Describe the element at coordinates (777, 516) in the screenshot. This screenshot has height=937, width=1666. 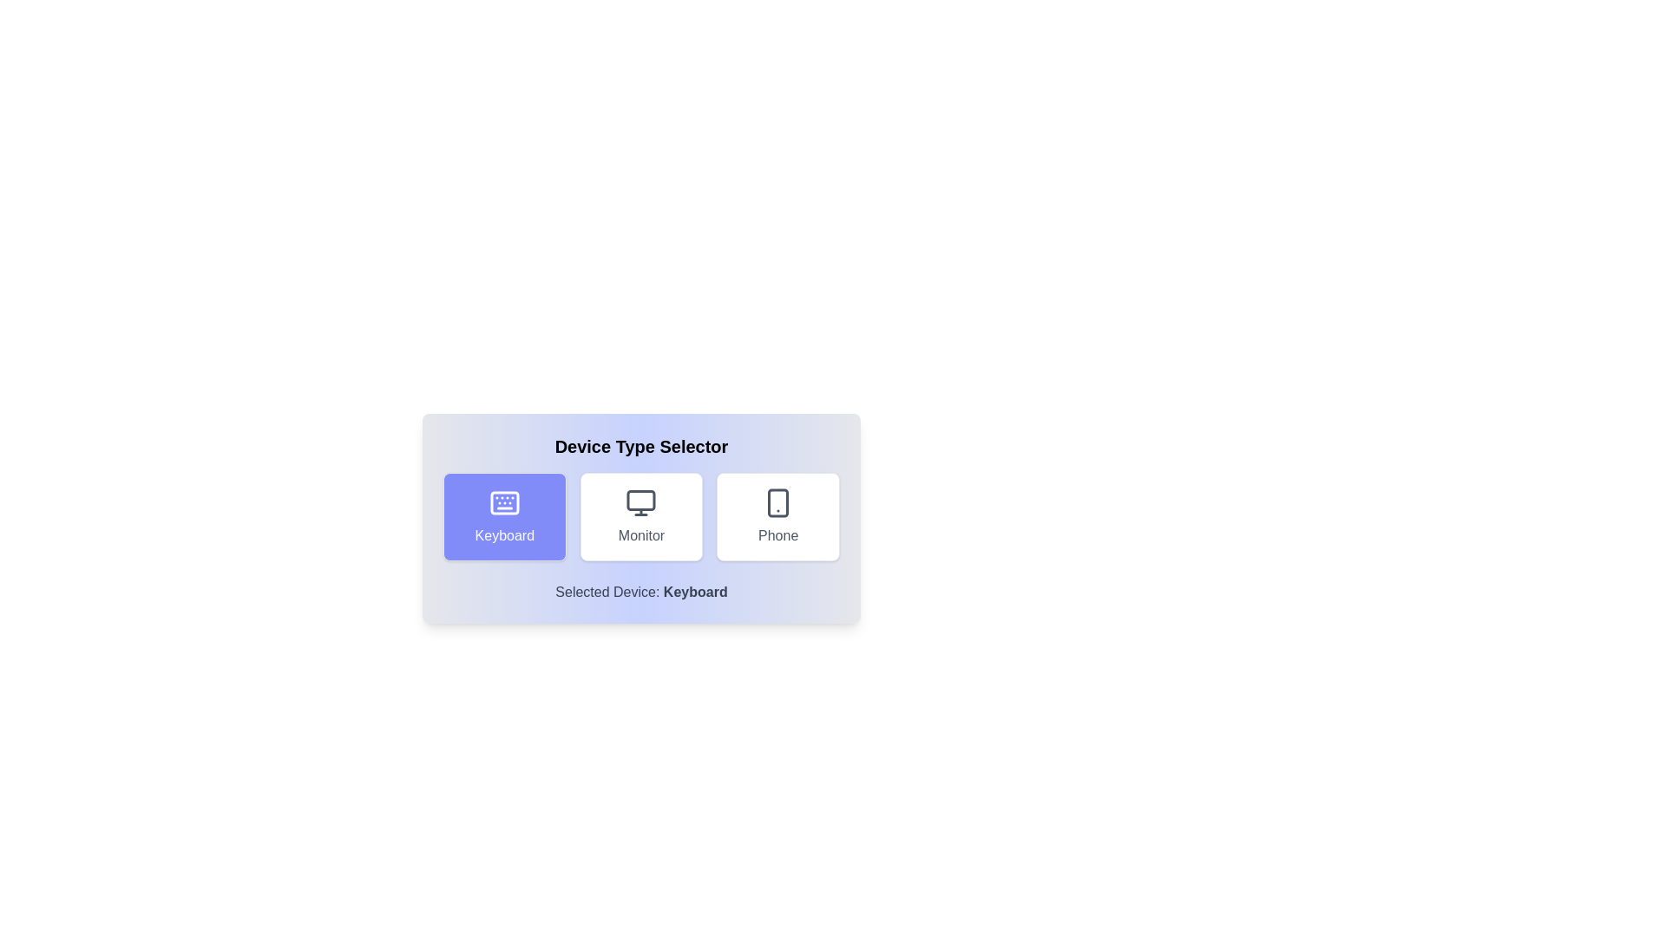
I see `the button corresponding to the selected device type Phone` at that location.